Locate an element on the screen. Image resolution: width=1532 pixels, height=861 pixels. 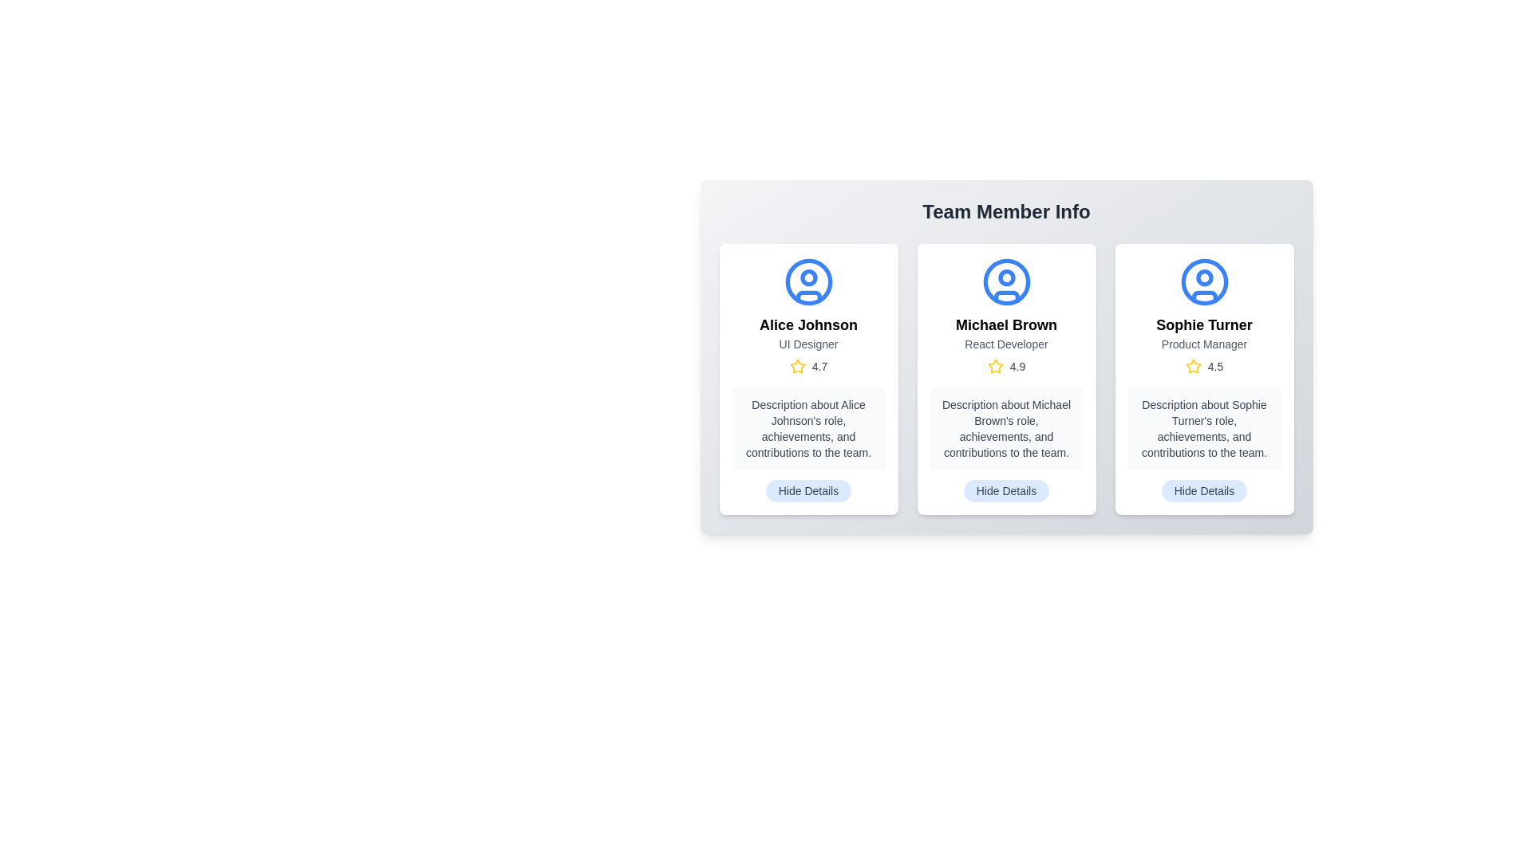
textual description located in the gray text block beneath the star rating in the card dedicated to Sophie Turner is located at coordinates (1204, 427).